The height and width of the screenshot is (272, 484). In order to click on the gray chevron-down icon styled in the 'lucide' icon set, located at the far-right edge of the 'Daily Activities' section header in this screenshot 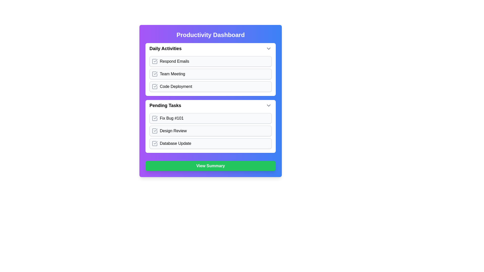, I will do `click(268, 48)`.